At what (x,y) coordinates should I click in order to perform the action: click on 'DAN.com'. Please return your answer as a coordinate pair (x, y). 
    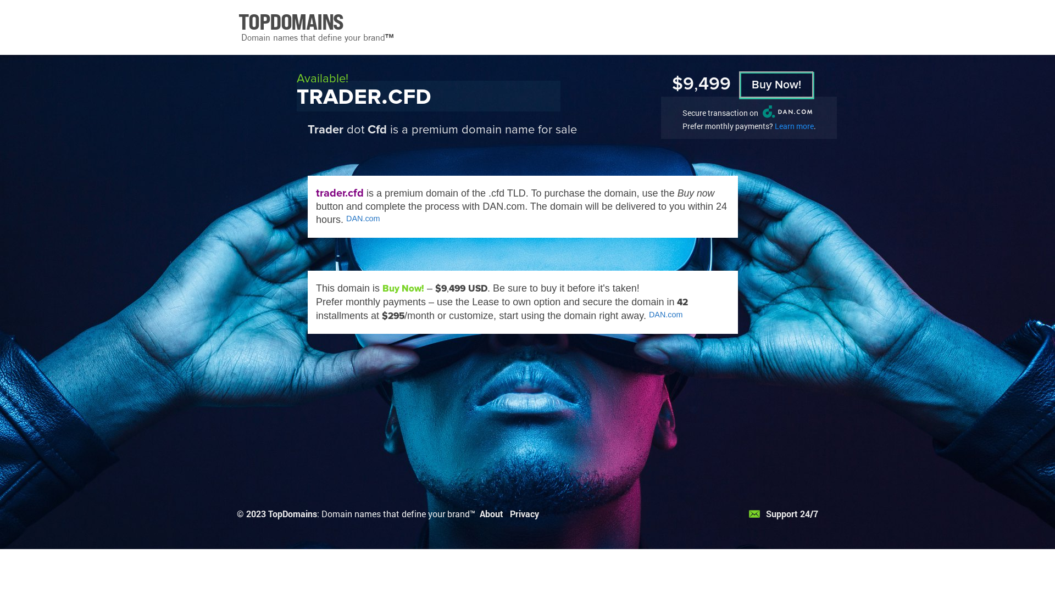
    Looking at the image, I should click on (363, 218).